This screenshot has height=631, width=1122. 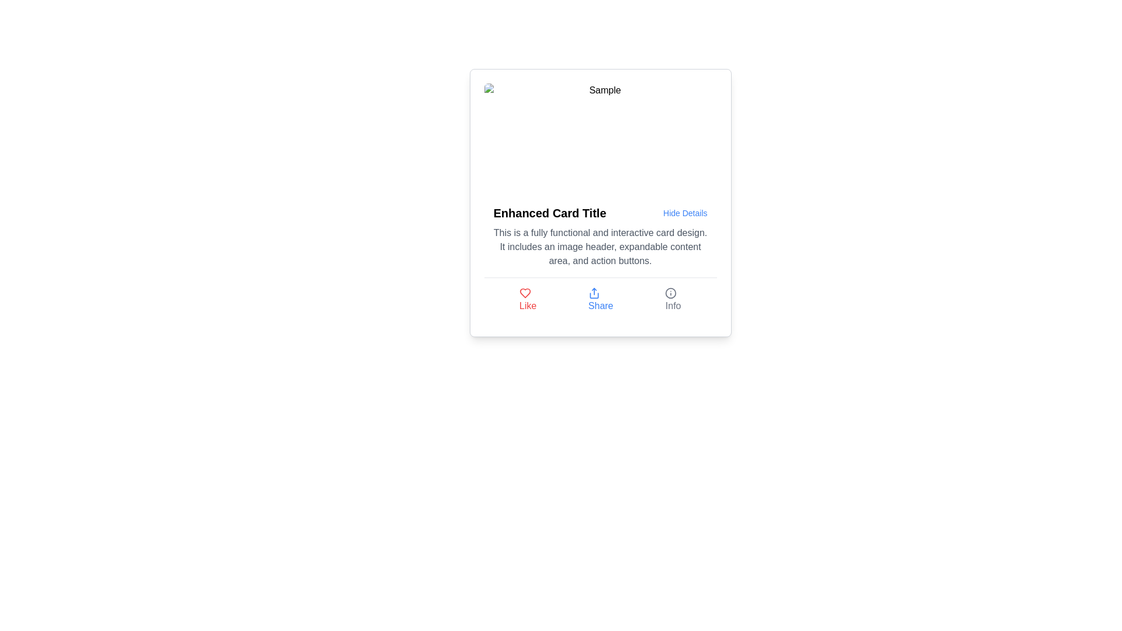 What do you see at coordinates (671, 292) in the screenshot?
I see `the circular information icon with an 'i' symbol, located at the bottom right of the card interface` at bounding box center [671, 292].